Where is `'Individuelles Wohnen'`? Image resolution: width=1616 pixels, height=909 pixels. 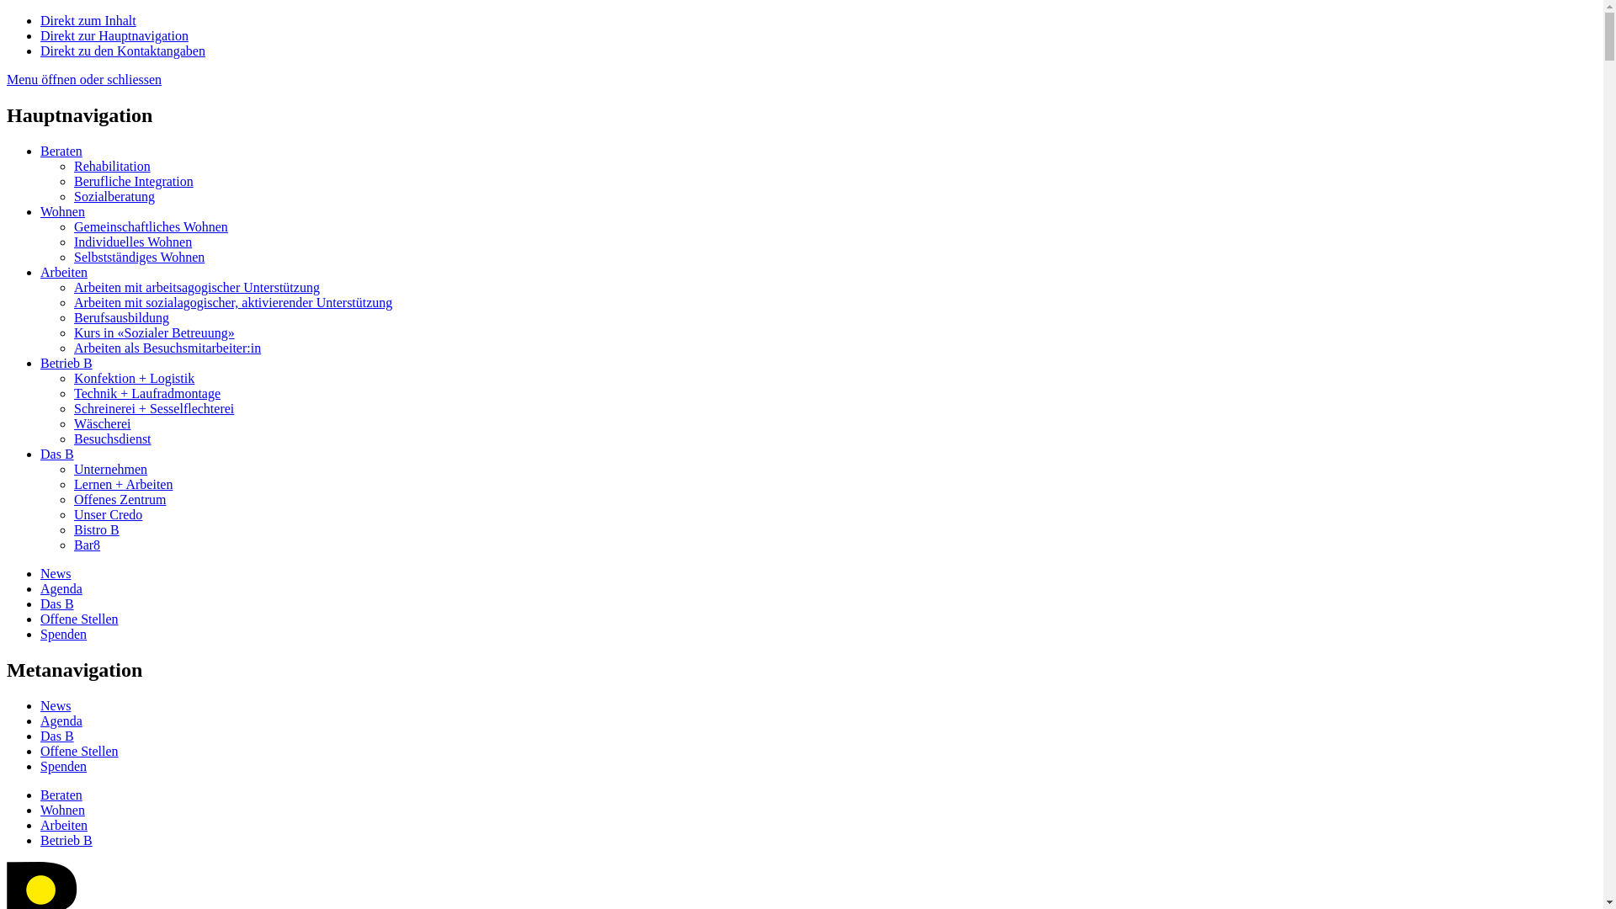 'Individuelles Wohnen' is located at coordinates (132, 242).